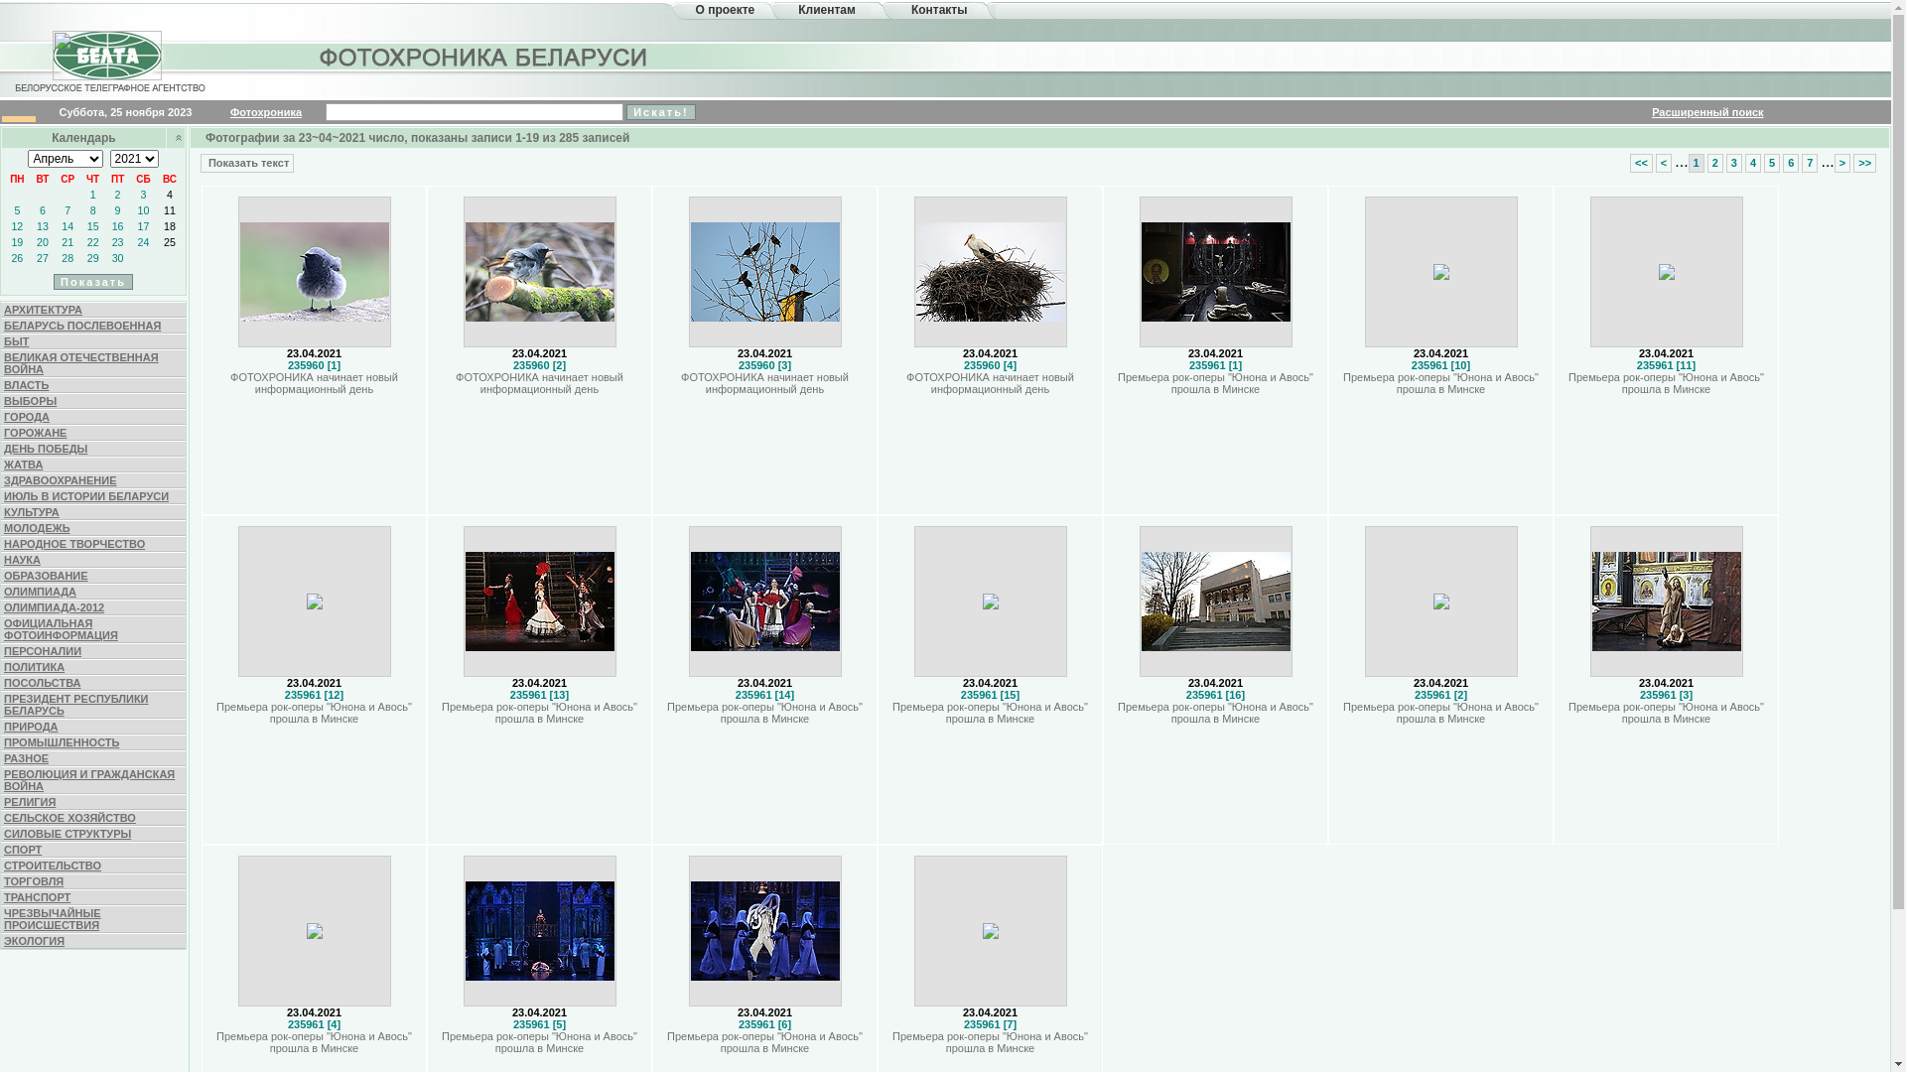  What do you see at coordinates (43, 224) in the screenshot?
I see `'13'` at bounding box center [43, 224].